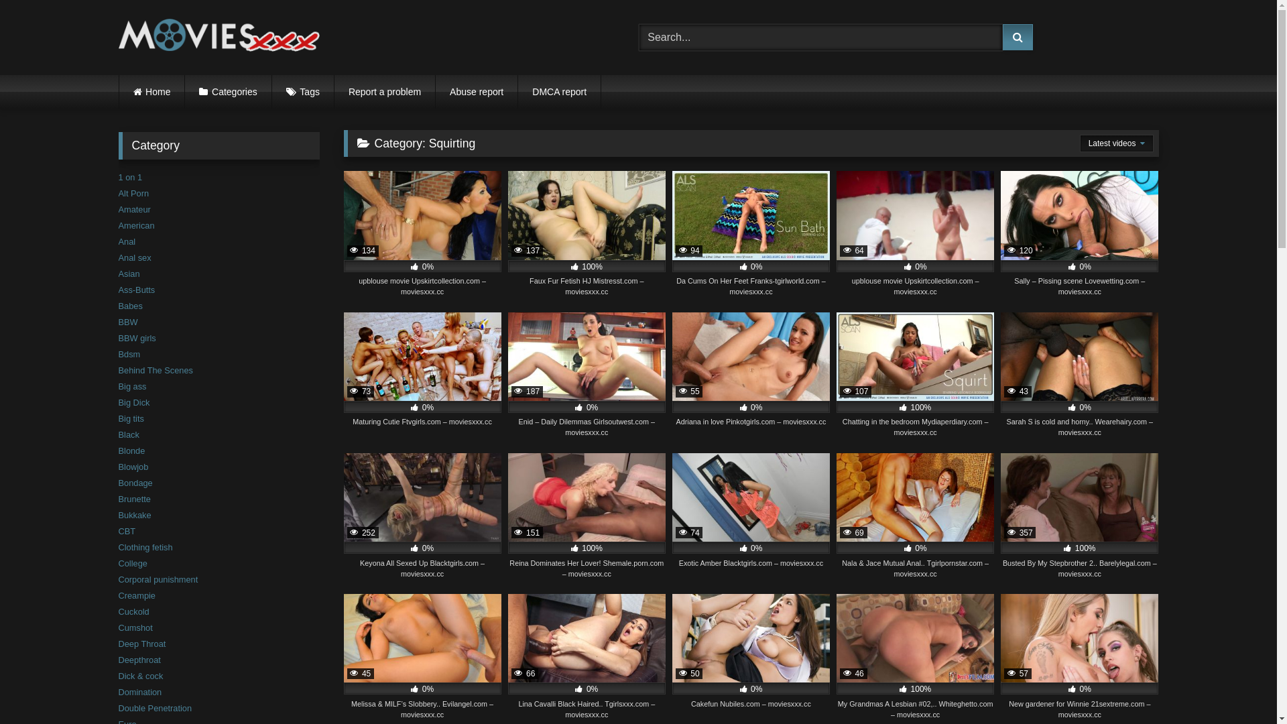 The image size is (1287, 724). What do you see at coordinates (118, 337) in the screenshot?
I see `'BBW girls'` at bounding box center [118, 337].